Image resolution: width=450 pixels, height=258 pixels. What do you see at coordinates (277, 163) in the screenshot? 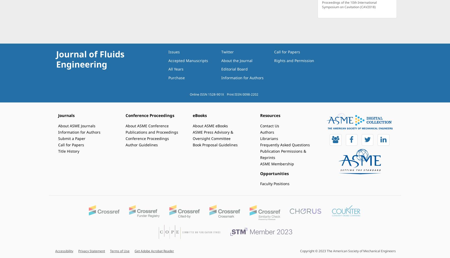
I see `'ASME Membership'` at bounding box center [277, 163].